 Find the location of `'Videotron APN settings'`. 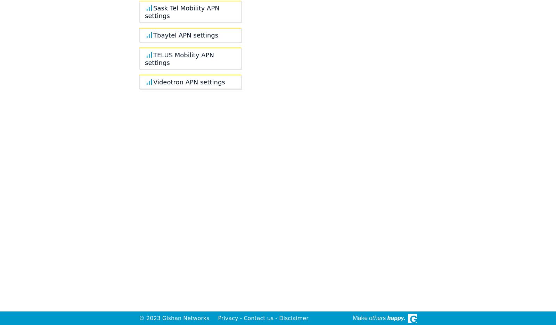

'Videotron APN settings' is located at coordinates (189, 82).